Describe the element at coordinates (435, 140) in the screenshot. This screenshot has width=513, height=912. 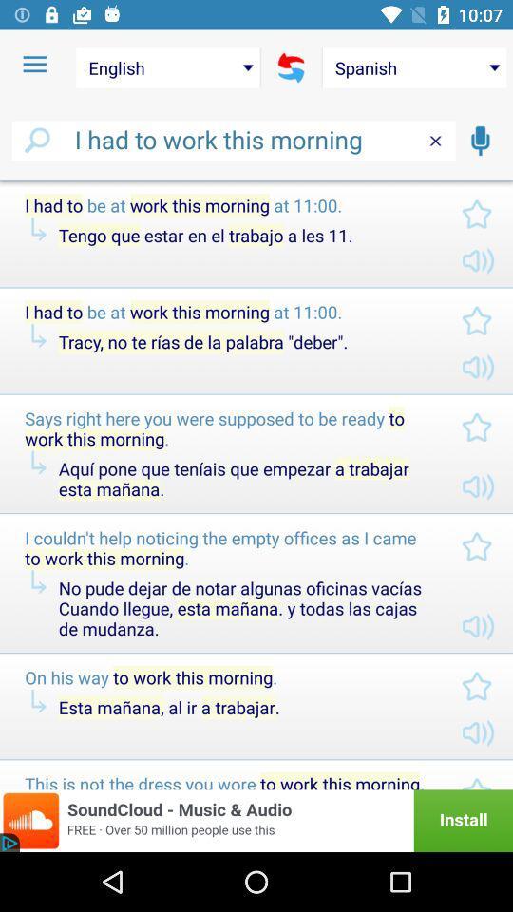
I see `clear text` at that location.